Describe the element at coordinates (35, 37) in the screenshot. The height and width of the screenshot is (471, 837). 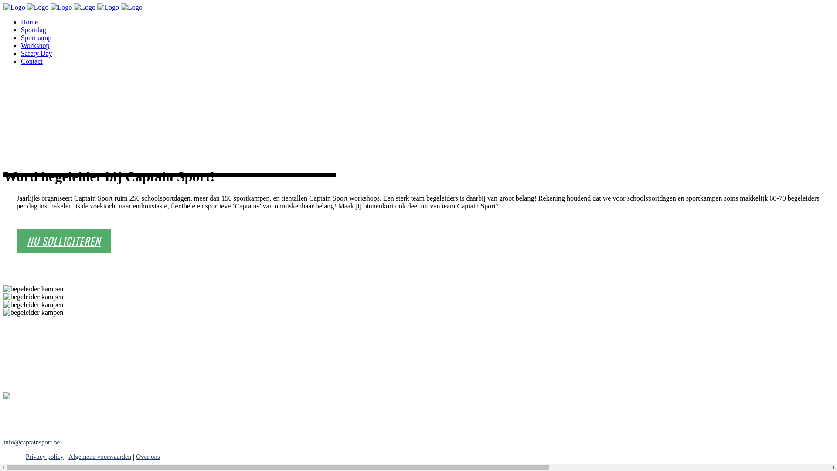
I see `'Sportkamp'` at that location.